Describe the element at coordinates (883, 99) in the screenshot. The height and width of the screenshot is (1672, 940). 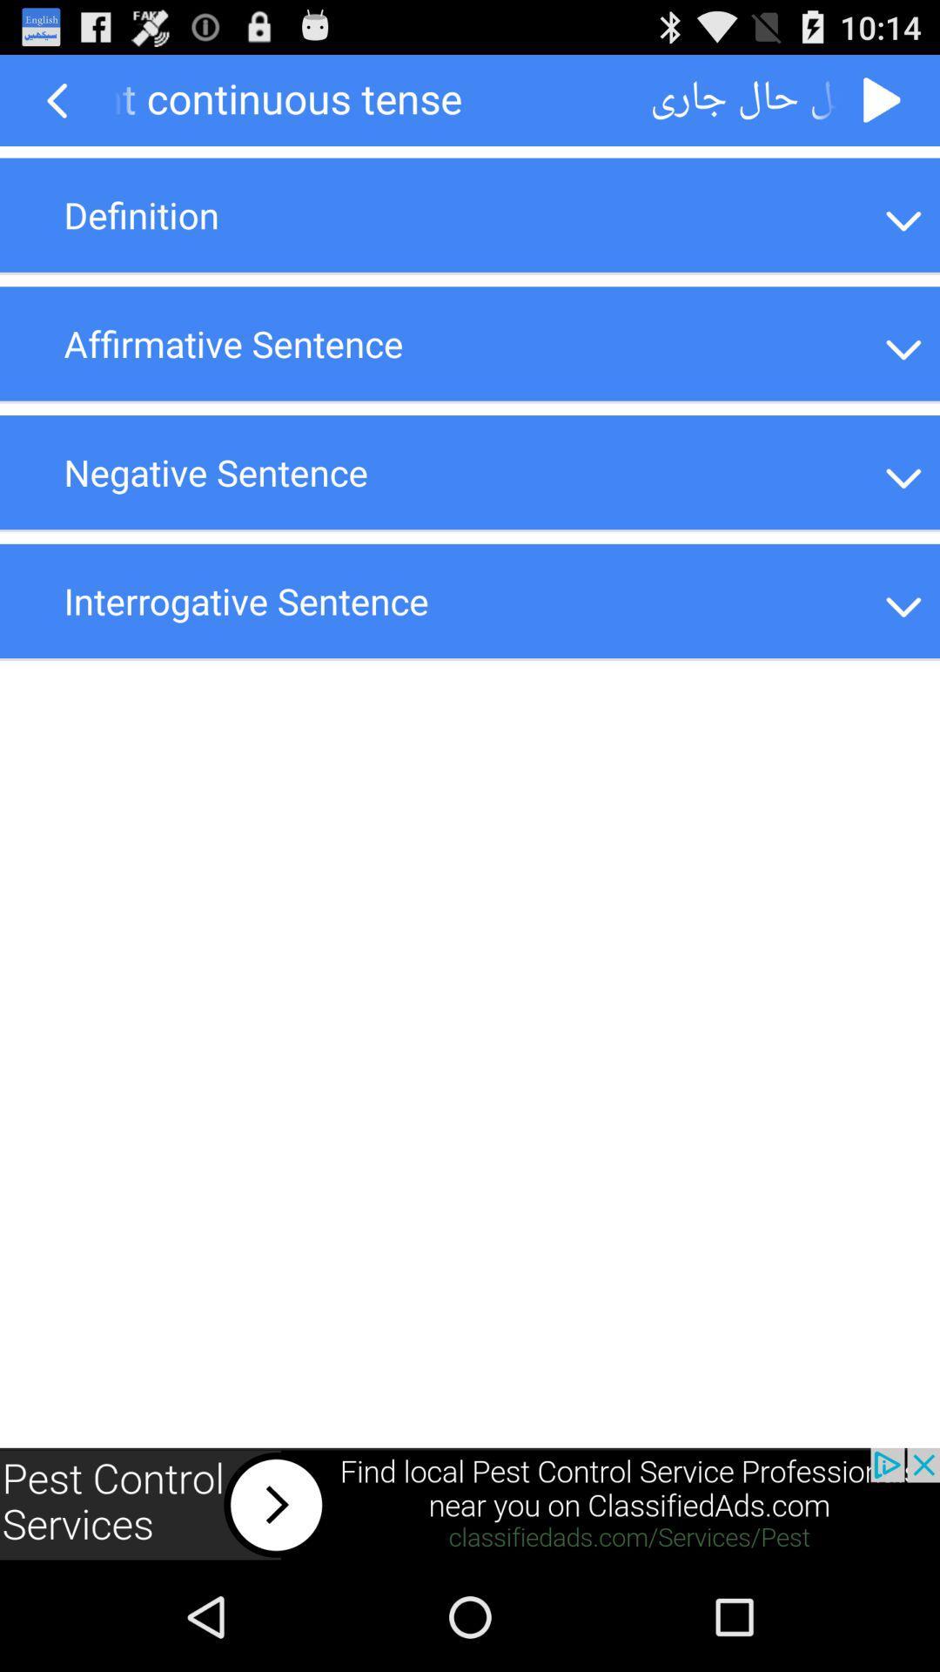
I see `advance forward` at that location.